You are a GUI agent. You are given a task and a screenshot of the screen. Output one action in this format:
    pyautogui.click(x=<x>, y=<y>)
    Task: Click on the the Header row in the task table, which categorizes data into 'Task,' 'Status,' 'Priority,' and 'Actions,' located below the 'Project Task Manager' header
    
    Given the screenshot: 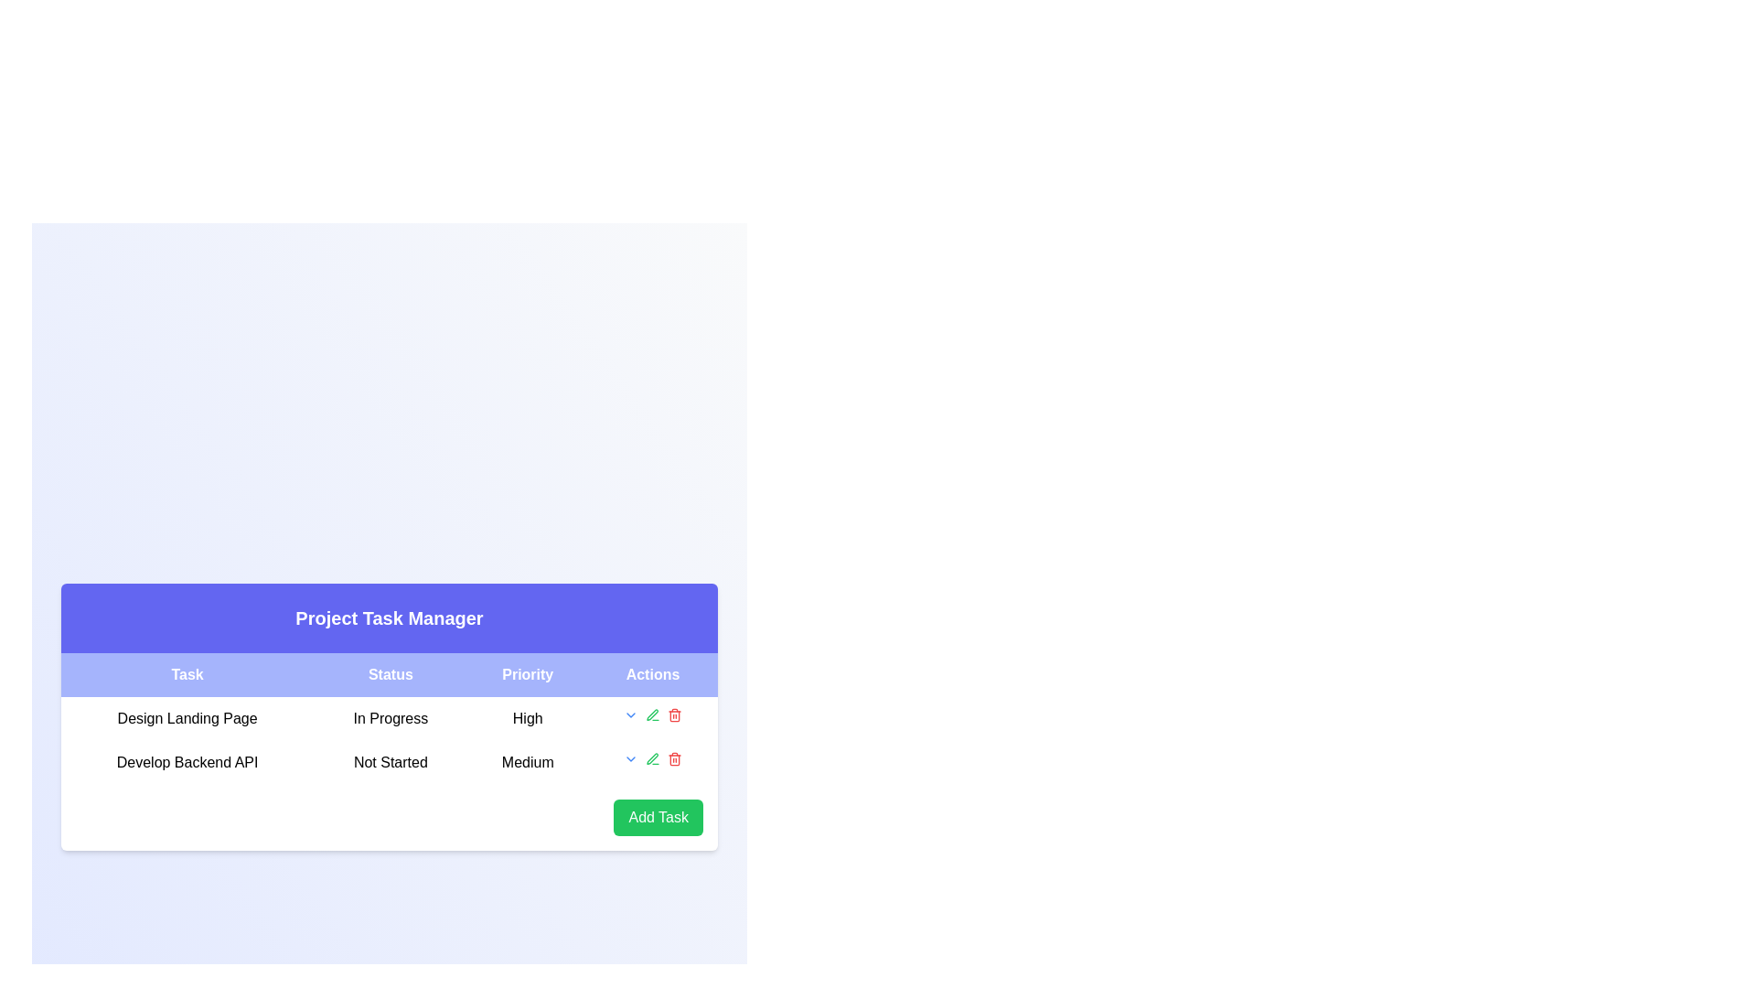 What is the action you would take?
    pyautogui.click(x=389, y=674)
    